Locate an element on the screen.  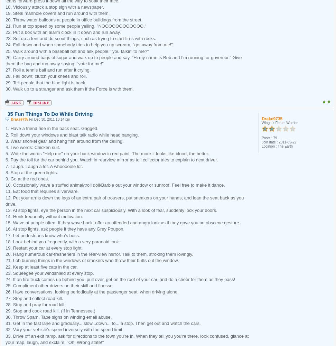
'2. Roll down your windows and blast talk radio while head banging.' is located at coordinates (72, 134).